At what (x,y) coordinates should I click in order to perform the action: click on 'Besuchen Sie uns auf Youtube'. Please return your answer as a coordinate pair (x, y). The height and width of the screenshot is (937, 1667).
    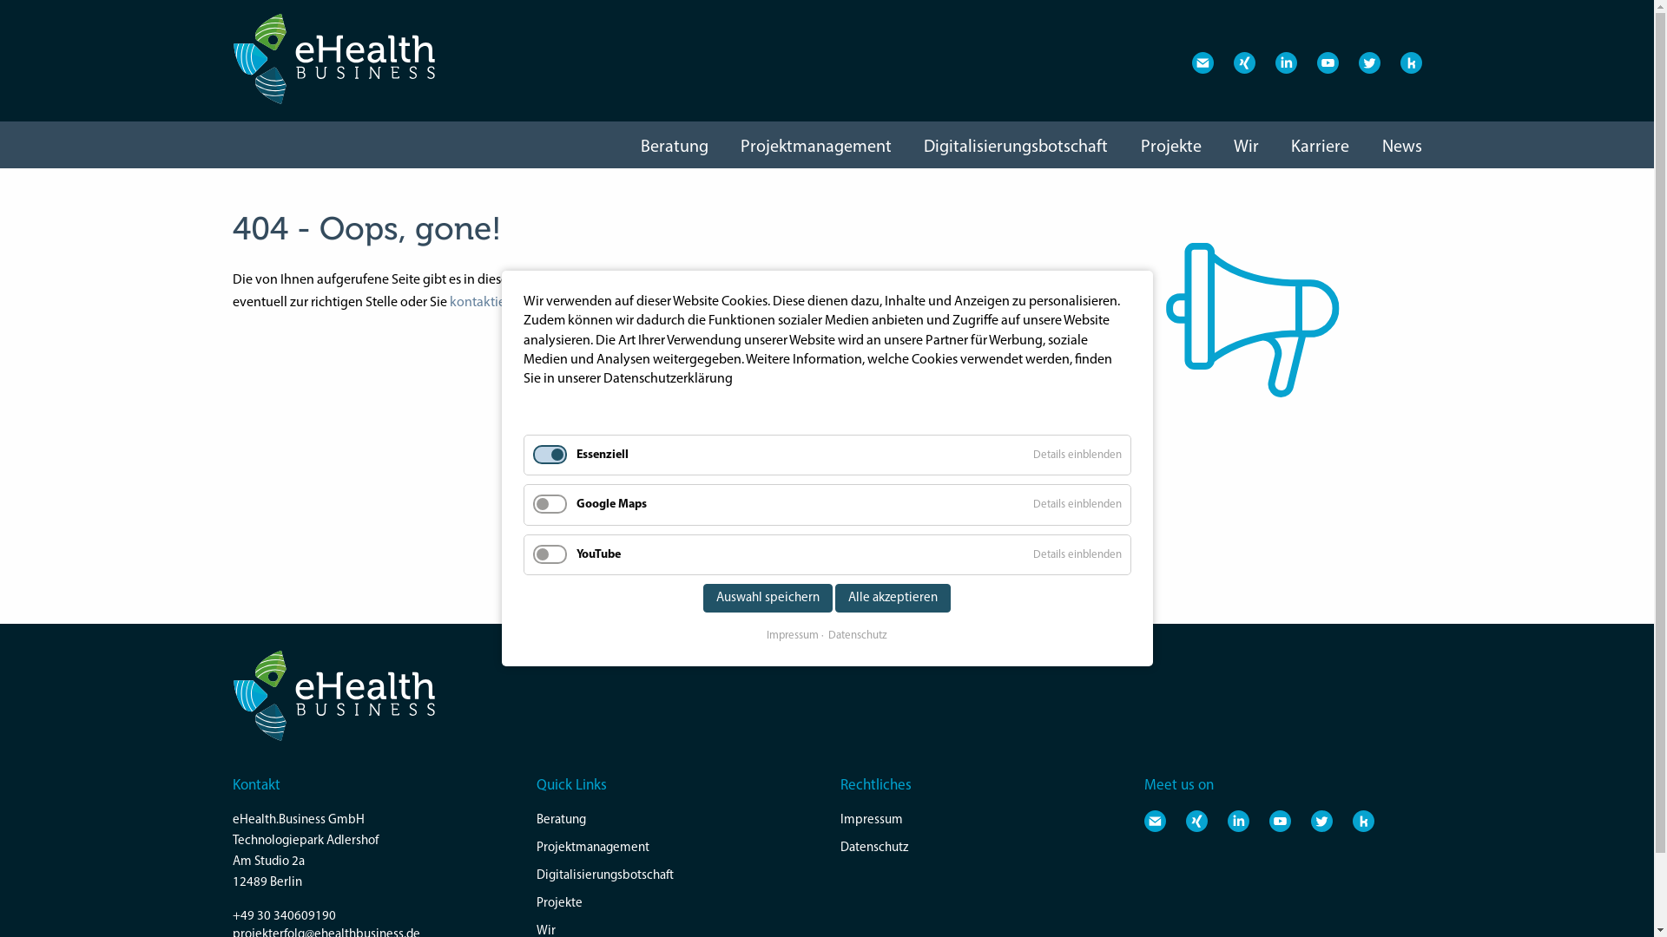
    Looking at the image, I should click on (1280, 820).